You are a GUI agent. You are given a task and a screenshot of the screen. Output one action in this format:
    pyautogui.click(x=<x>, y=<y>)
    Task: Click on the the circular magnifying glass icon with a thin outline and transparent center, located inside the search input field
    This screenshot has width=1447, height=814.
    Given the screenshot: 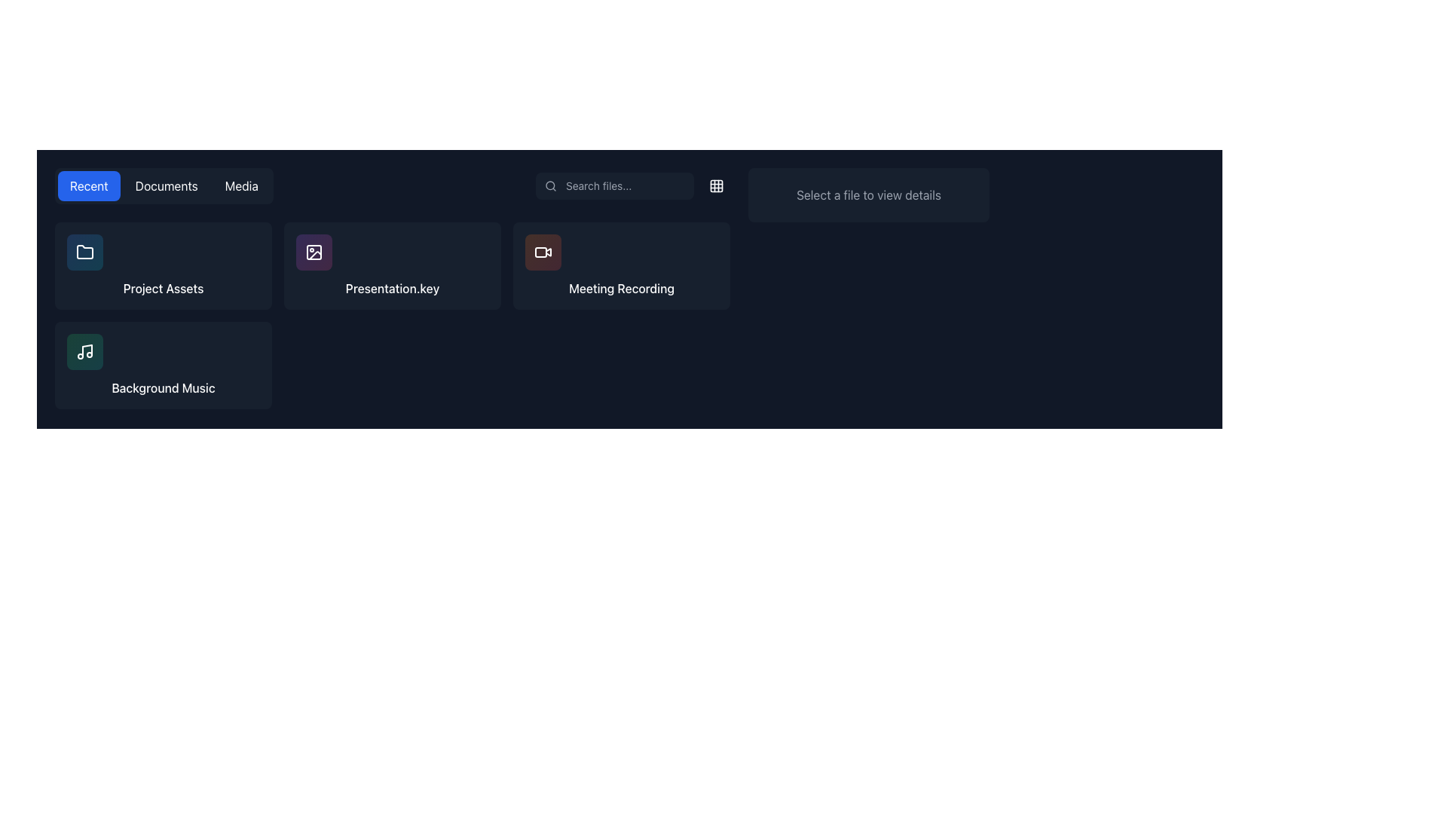 What is the action you would take?
    pyautogui.click(x=549, y=185)
    